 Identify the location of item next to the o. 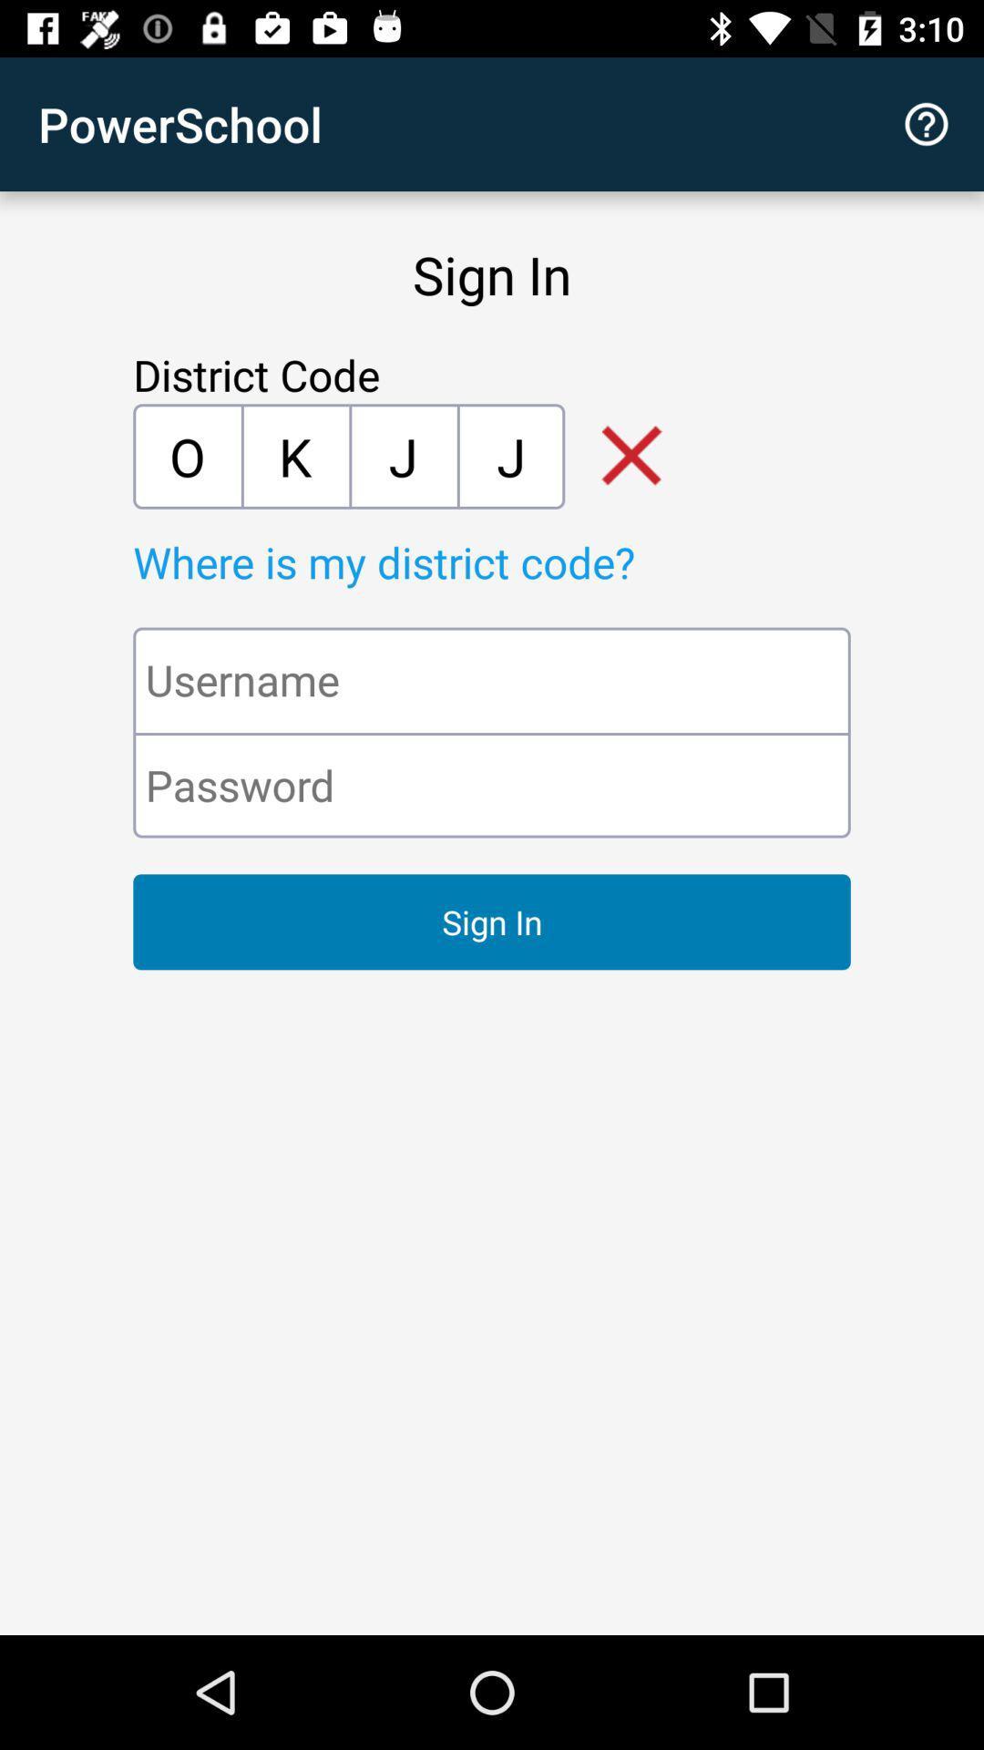
(294, 456).